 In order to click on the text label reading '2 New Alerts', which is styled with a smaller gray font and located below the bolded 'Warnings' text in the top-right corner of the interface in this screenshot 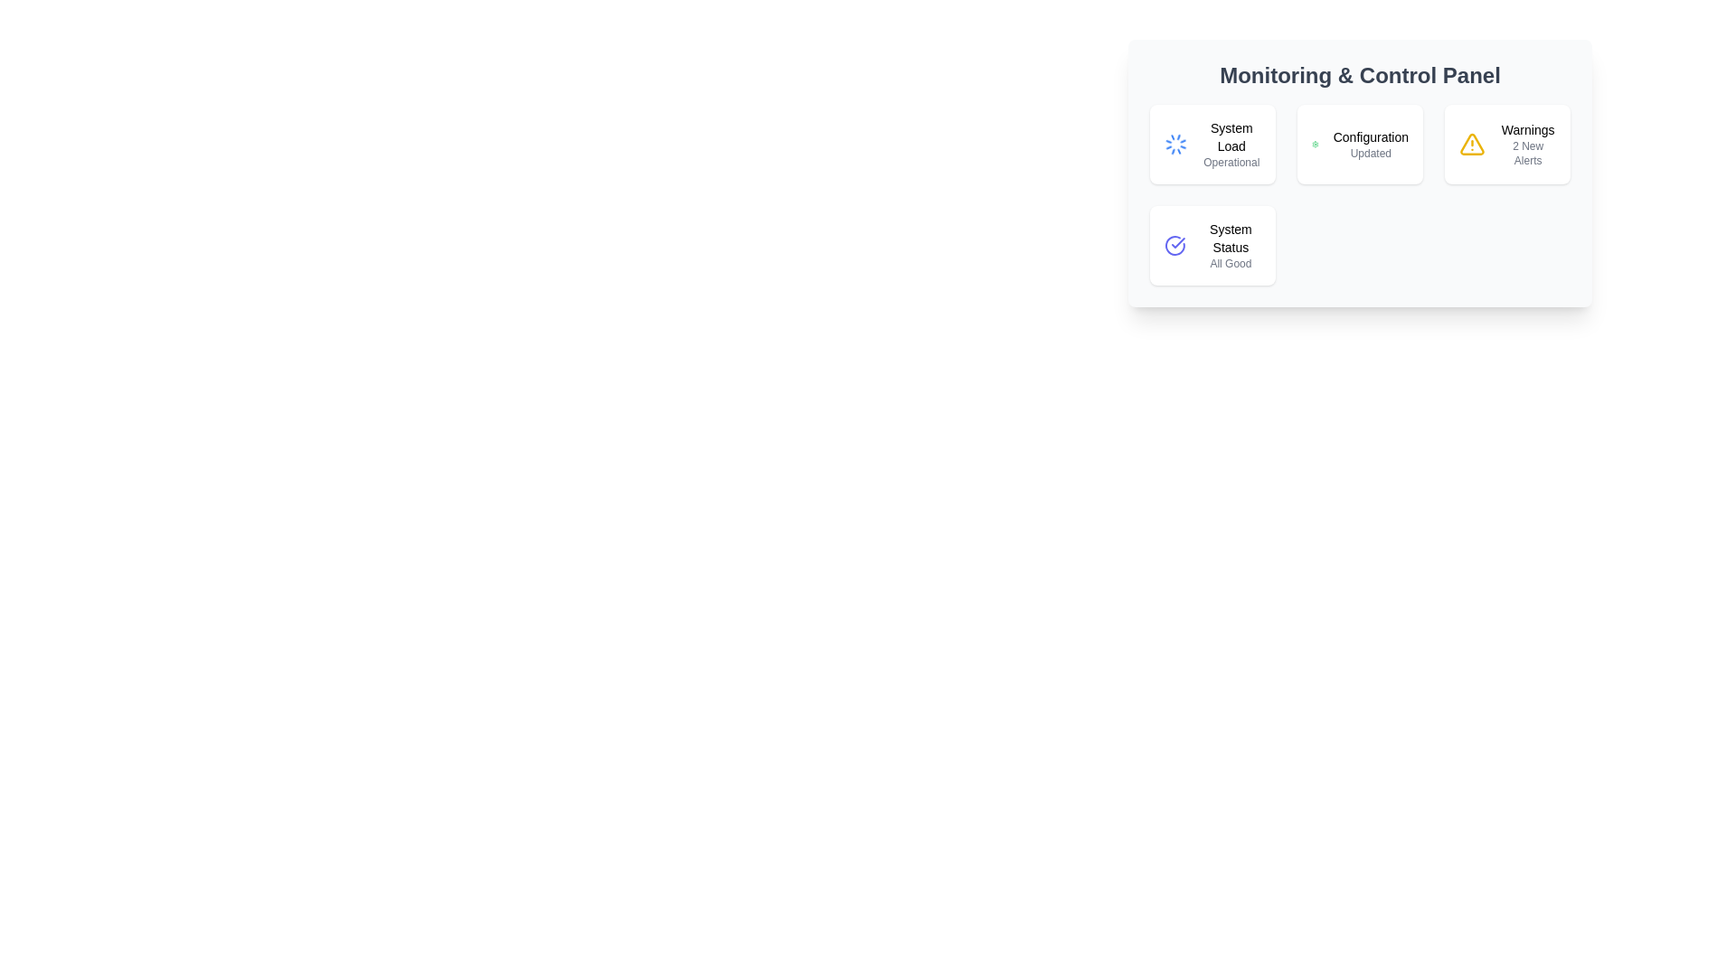, I will do `click(1527, 152)`.